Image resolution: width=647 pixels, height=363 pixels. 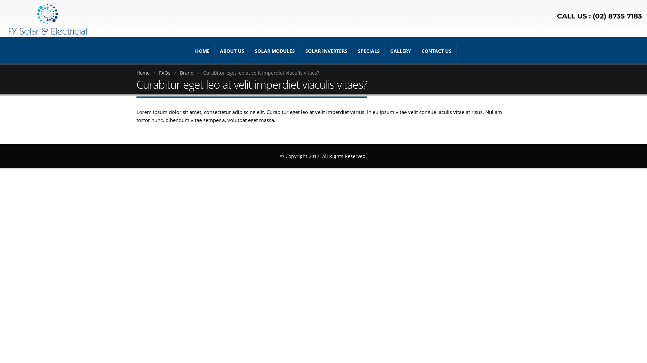 What do you see at coordinates (436, 50) in the screenshot?
I see `'CONTACT US'` at bounding box center [436, 50].